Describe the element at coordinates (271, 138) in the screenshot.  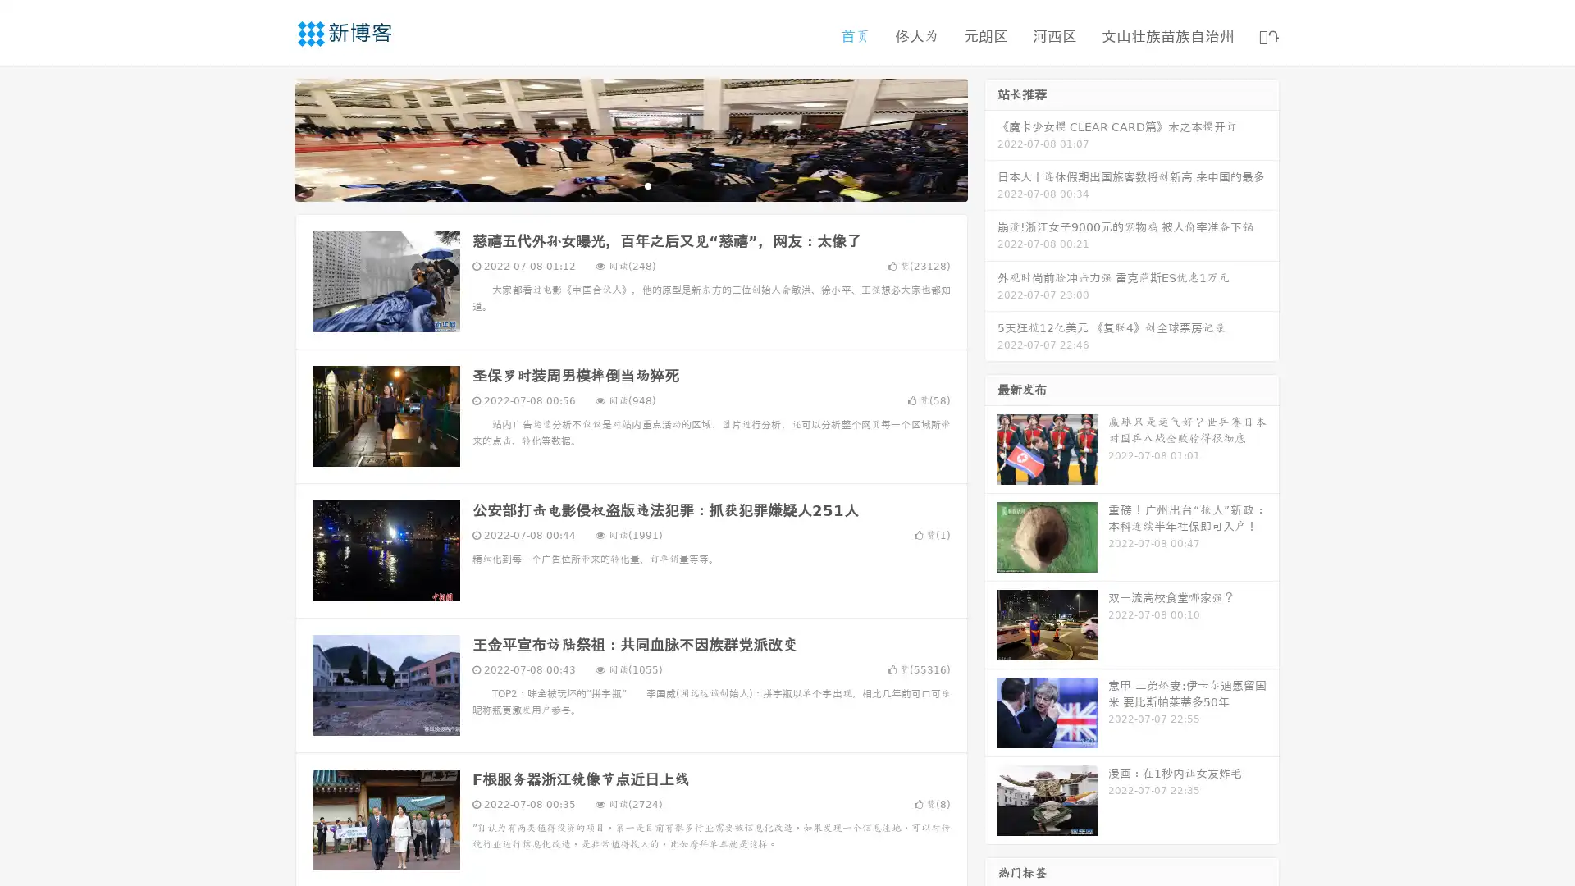
I see `Previous slide` at that location.